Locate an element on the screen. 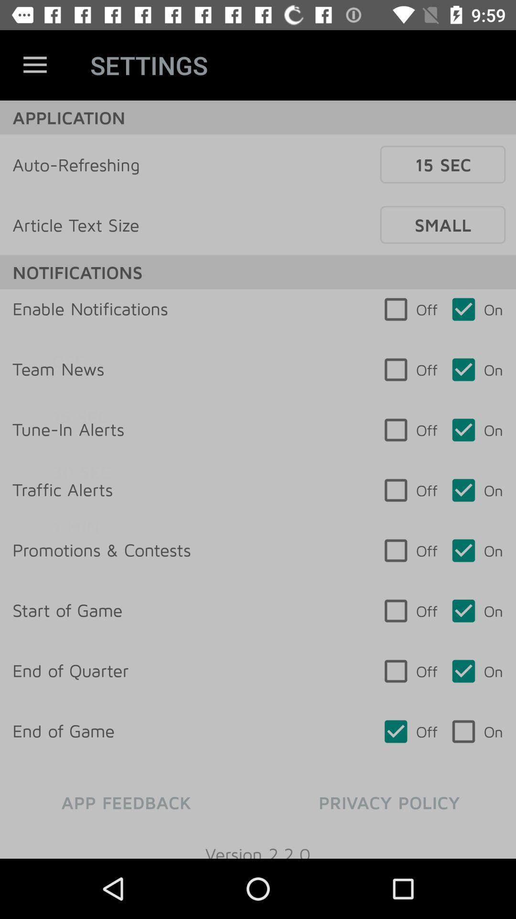  the icon to the left of the settings item is located at coordinates (34, 65).